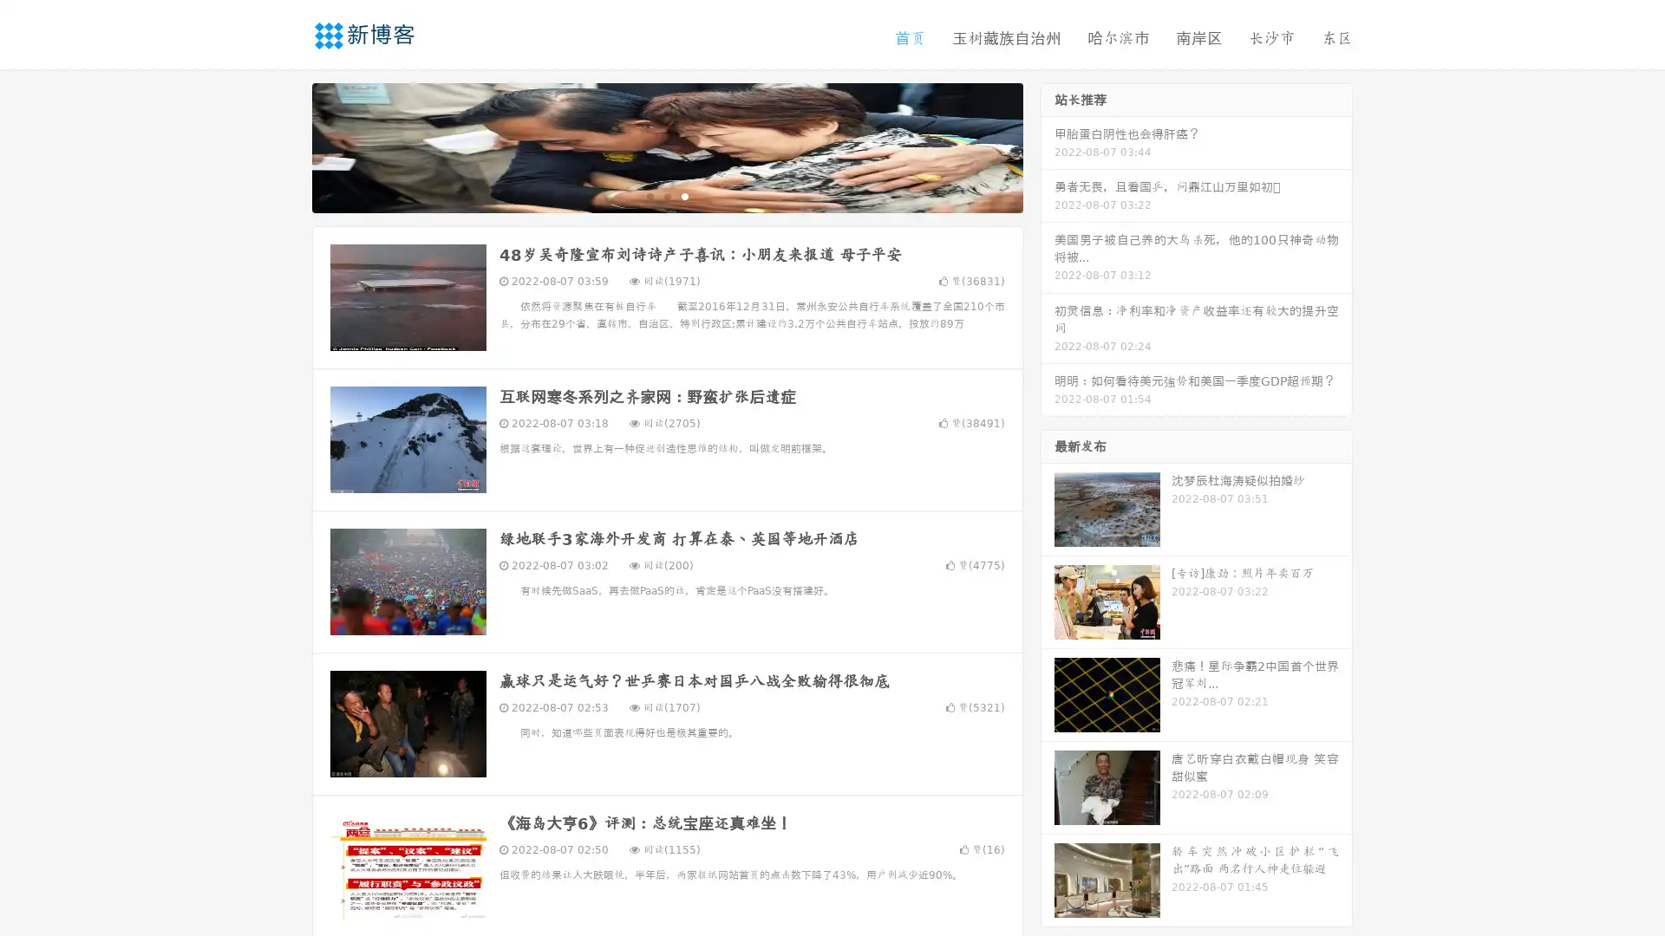 This screenshot has width=1665, height=936. What do you see at coordinates (684, 195) in the screenshot?
I see `Go to slide 3` at bounding box center [684, 195].